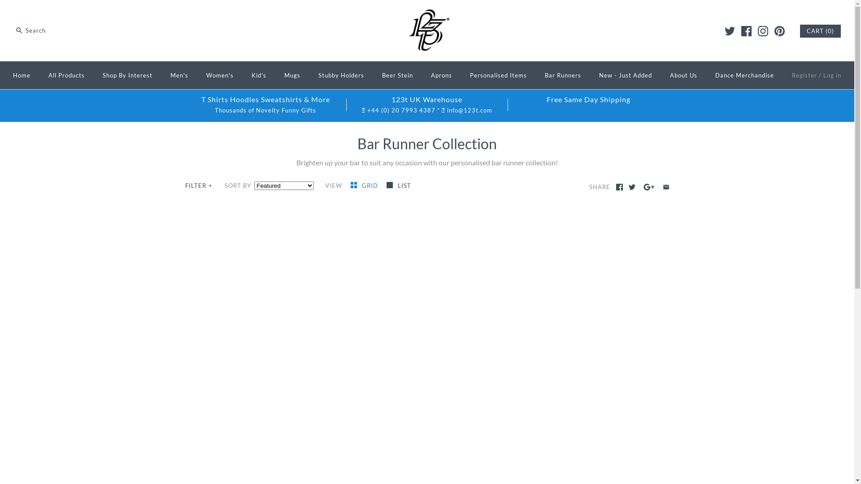  What do you see at coordinates (398, 185) in the screenshot?
I see `'LIST'` at bounding box center [398, 185].